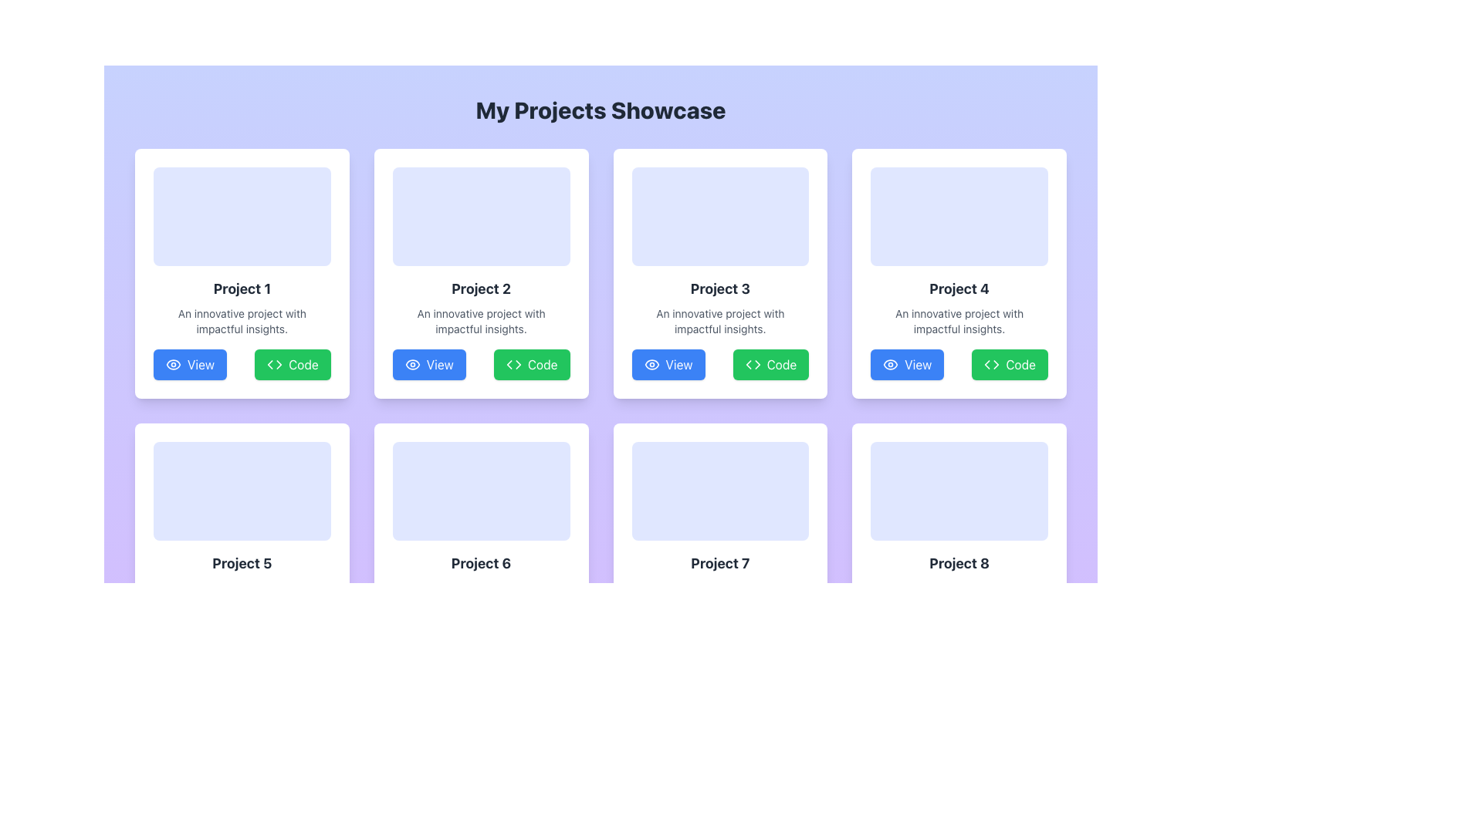 The height and width of the screenshot is (833, 1482). I want to click on the right button labeled 'Code' located at the bottom of the card titled 'Project 3' in the grid layout, so click(719, 365).